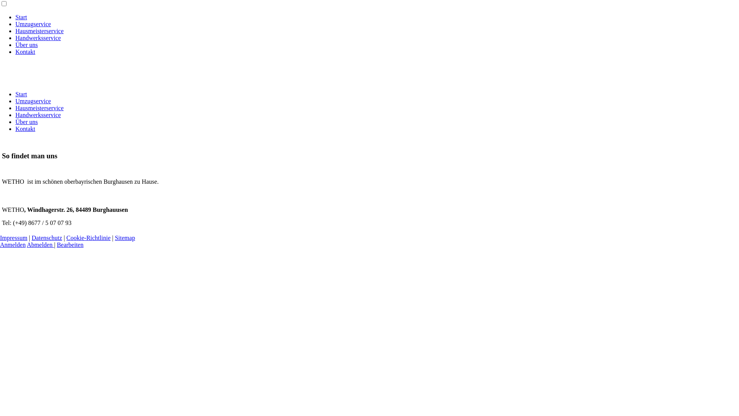 This screenshot has height=416, width=739. Describe the element at coordinates (38, 38) in the screenshot. I see `'Handwerksservice'` at that location.